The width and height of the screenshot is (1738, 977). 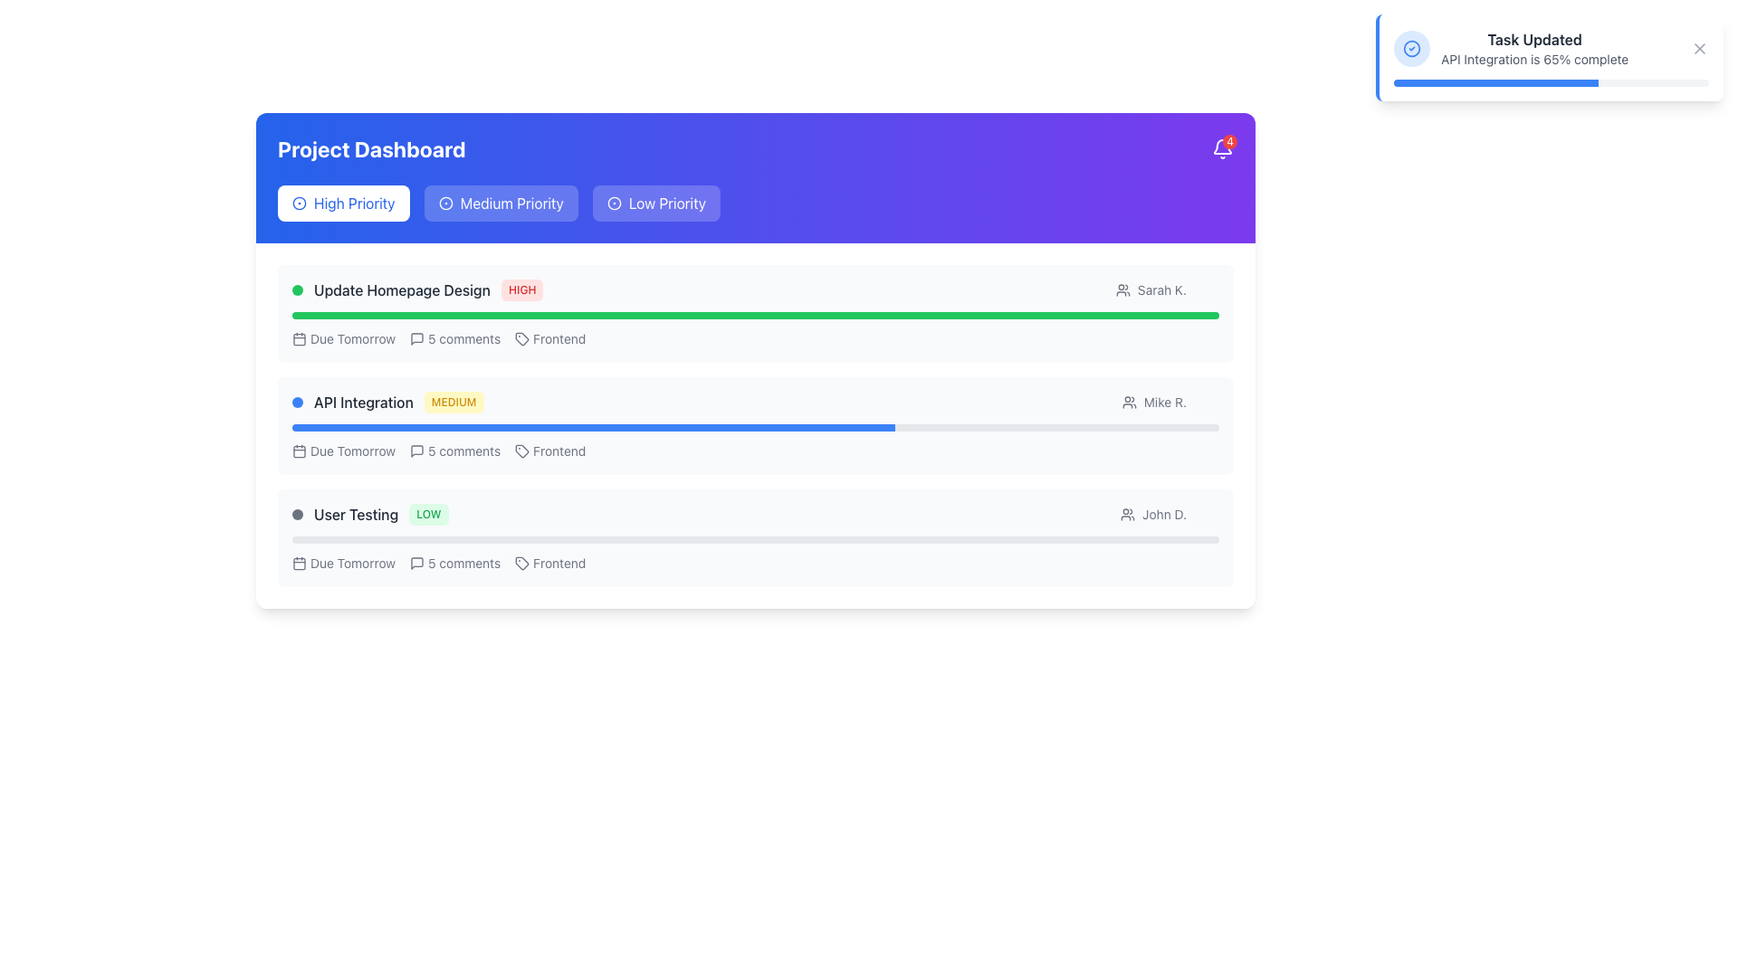 What do you see at coordinates (445, 203) in the screenshot?
I see `the circular icon with a hollow border and solid dot in the center` at bounding box center [445, 203].